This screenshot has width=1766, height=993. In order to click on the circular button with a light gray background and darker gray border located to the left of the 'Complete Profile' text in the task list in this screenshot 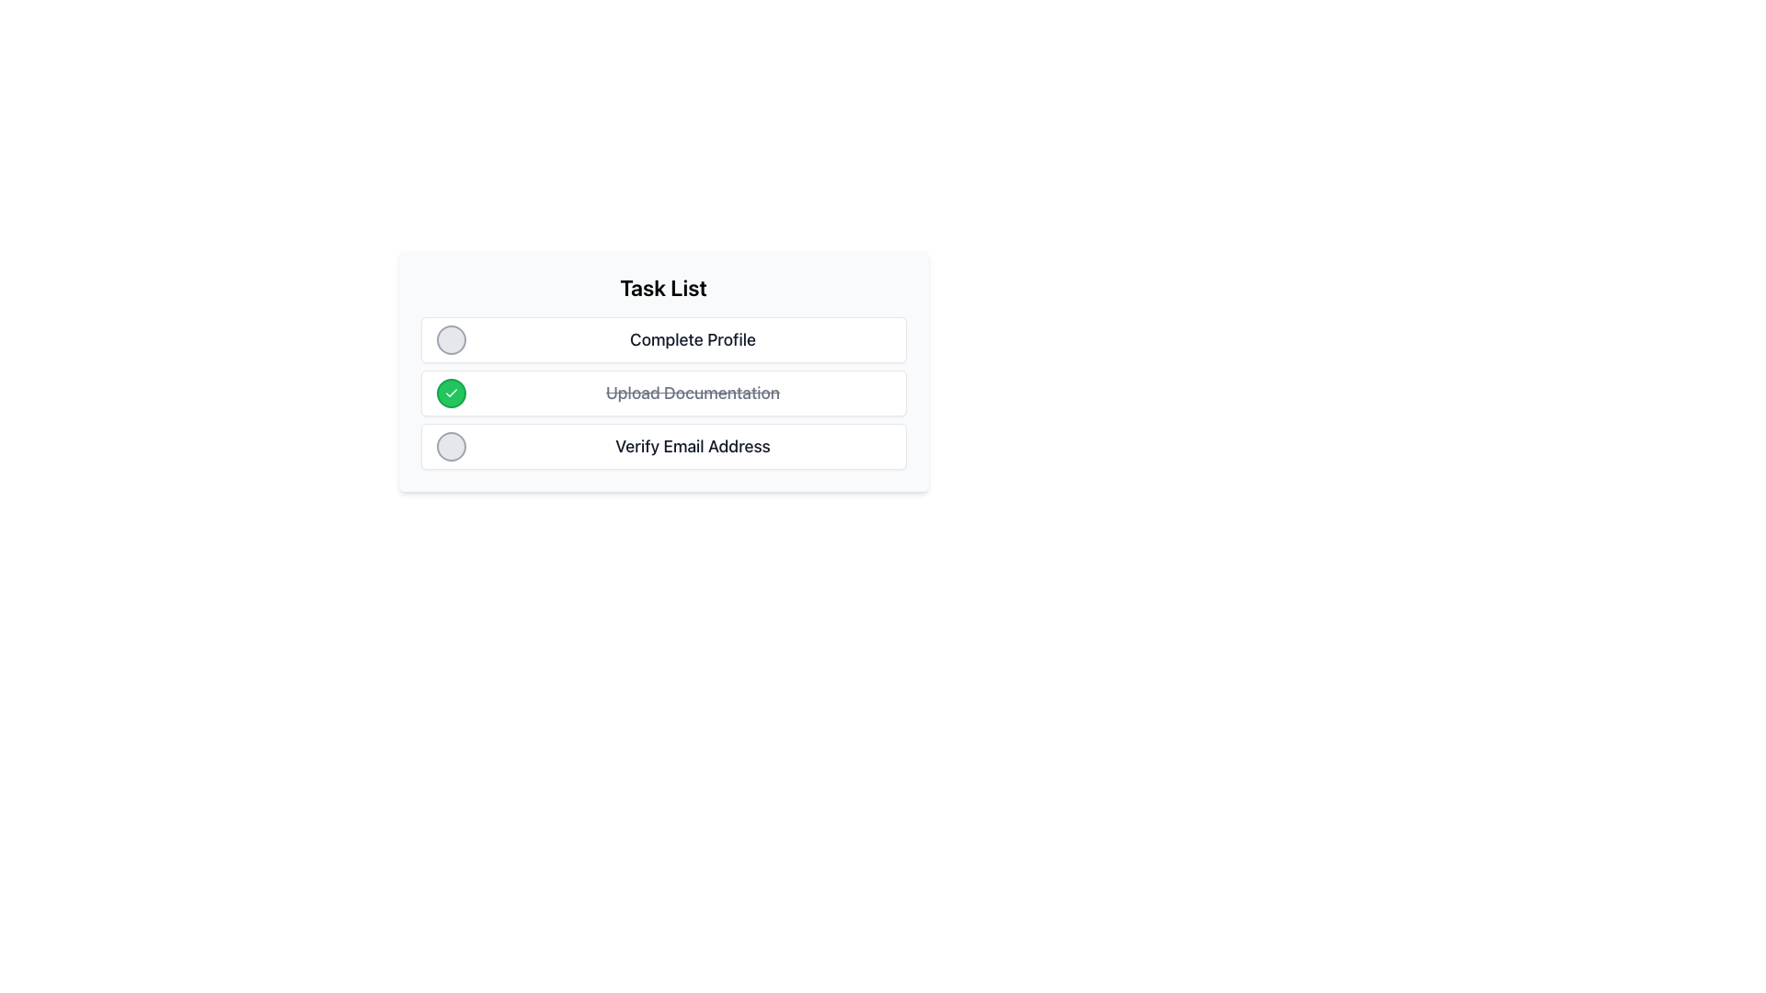, I will do `click(451, 340)`.